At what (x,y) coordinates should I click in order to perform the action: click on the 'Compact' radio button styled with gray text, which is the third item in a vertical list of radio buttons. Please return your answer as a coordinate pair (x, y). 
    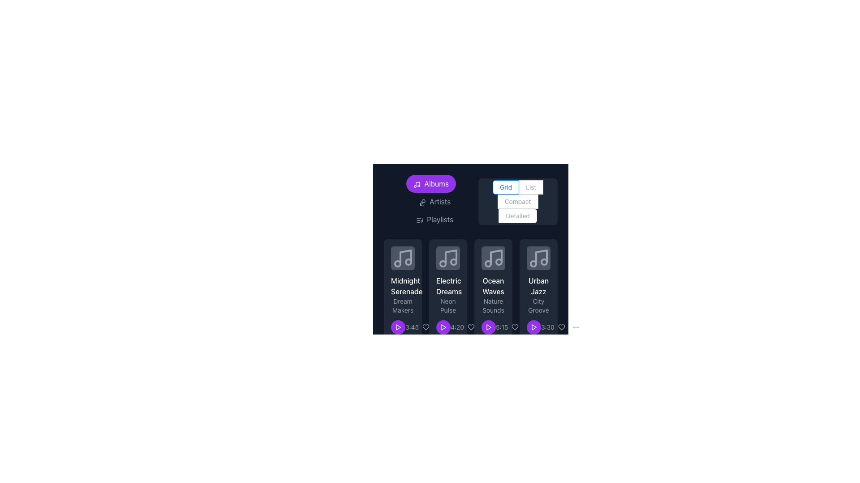
    Looking at the image, I should click on (518, 202).